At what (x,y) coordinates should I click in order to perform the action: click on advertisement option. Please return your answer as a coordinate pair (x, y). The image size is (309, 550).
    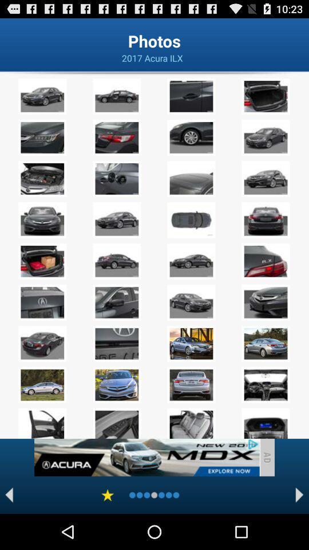
    Looking at the image, I should click on (146, 457).